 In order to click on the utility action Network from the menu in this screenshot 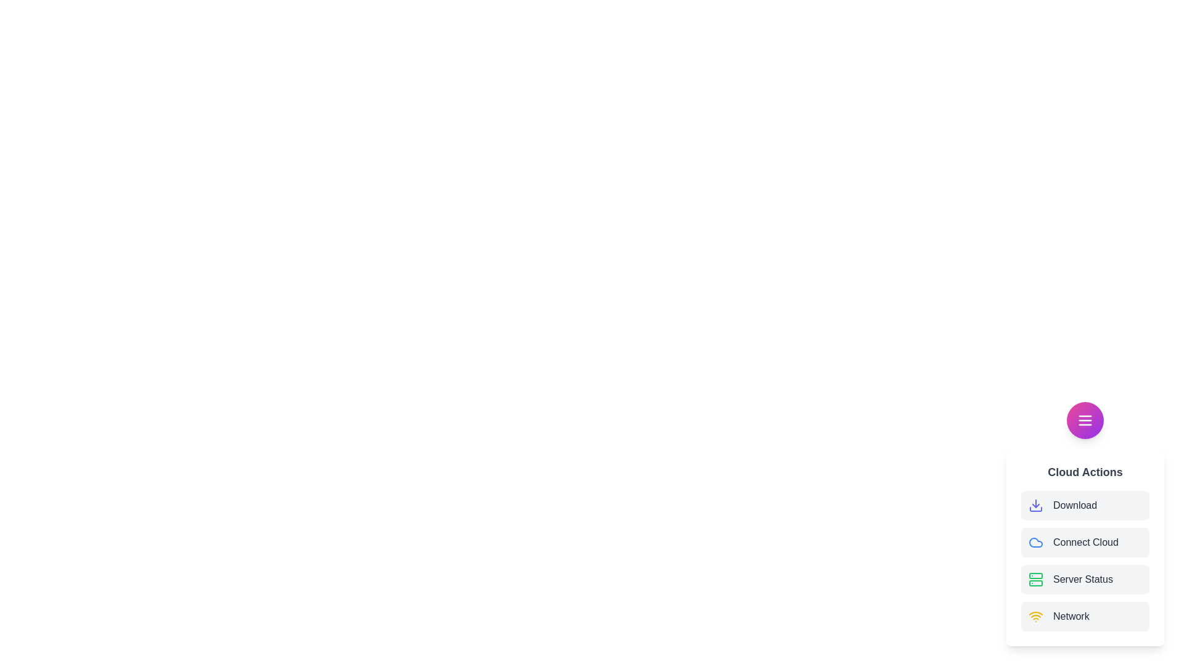, I will do `click(1085, 616)`.